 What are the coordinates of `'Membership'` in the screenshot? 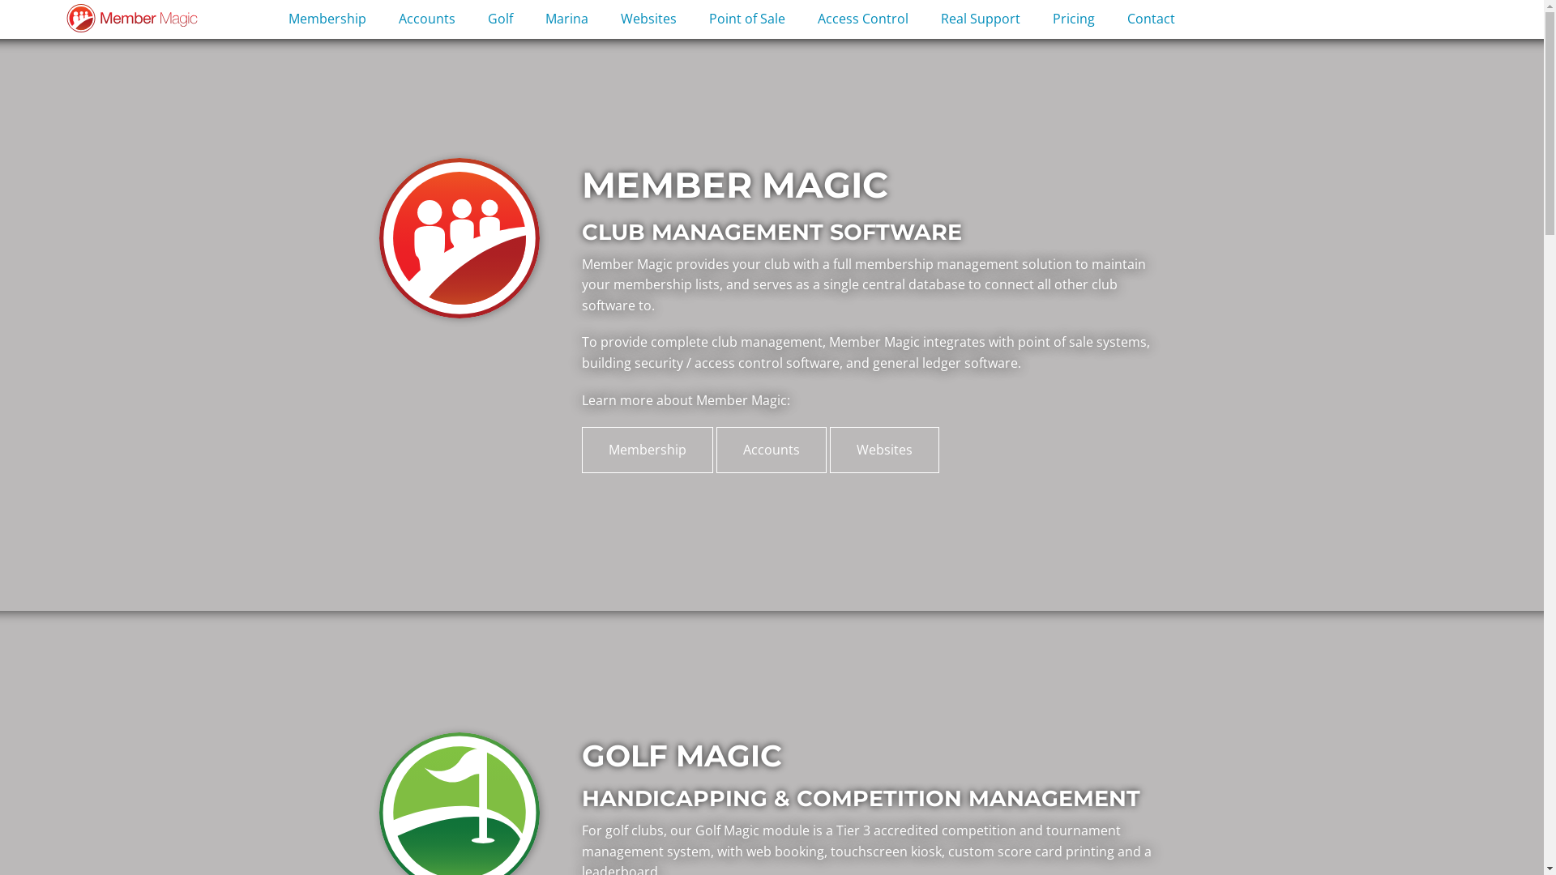 It's located at (582, 450).